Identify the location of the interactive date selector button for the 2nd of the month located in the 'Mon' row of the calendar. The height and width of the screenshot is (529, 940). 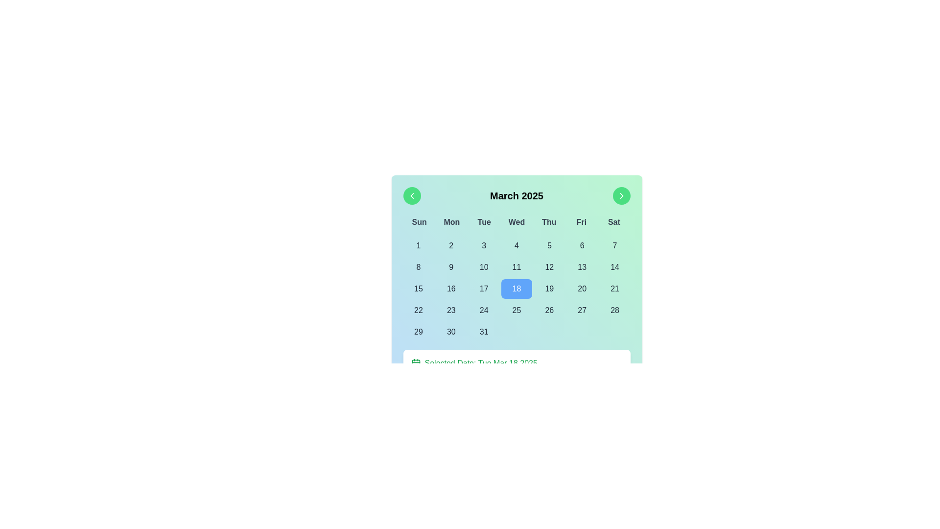
(450, 245).